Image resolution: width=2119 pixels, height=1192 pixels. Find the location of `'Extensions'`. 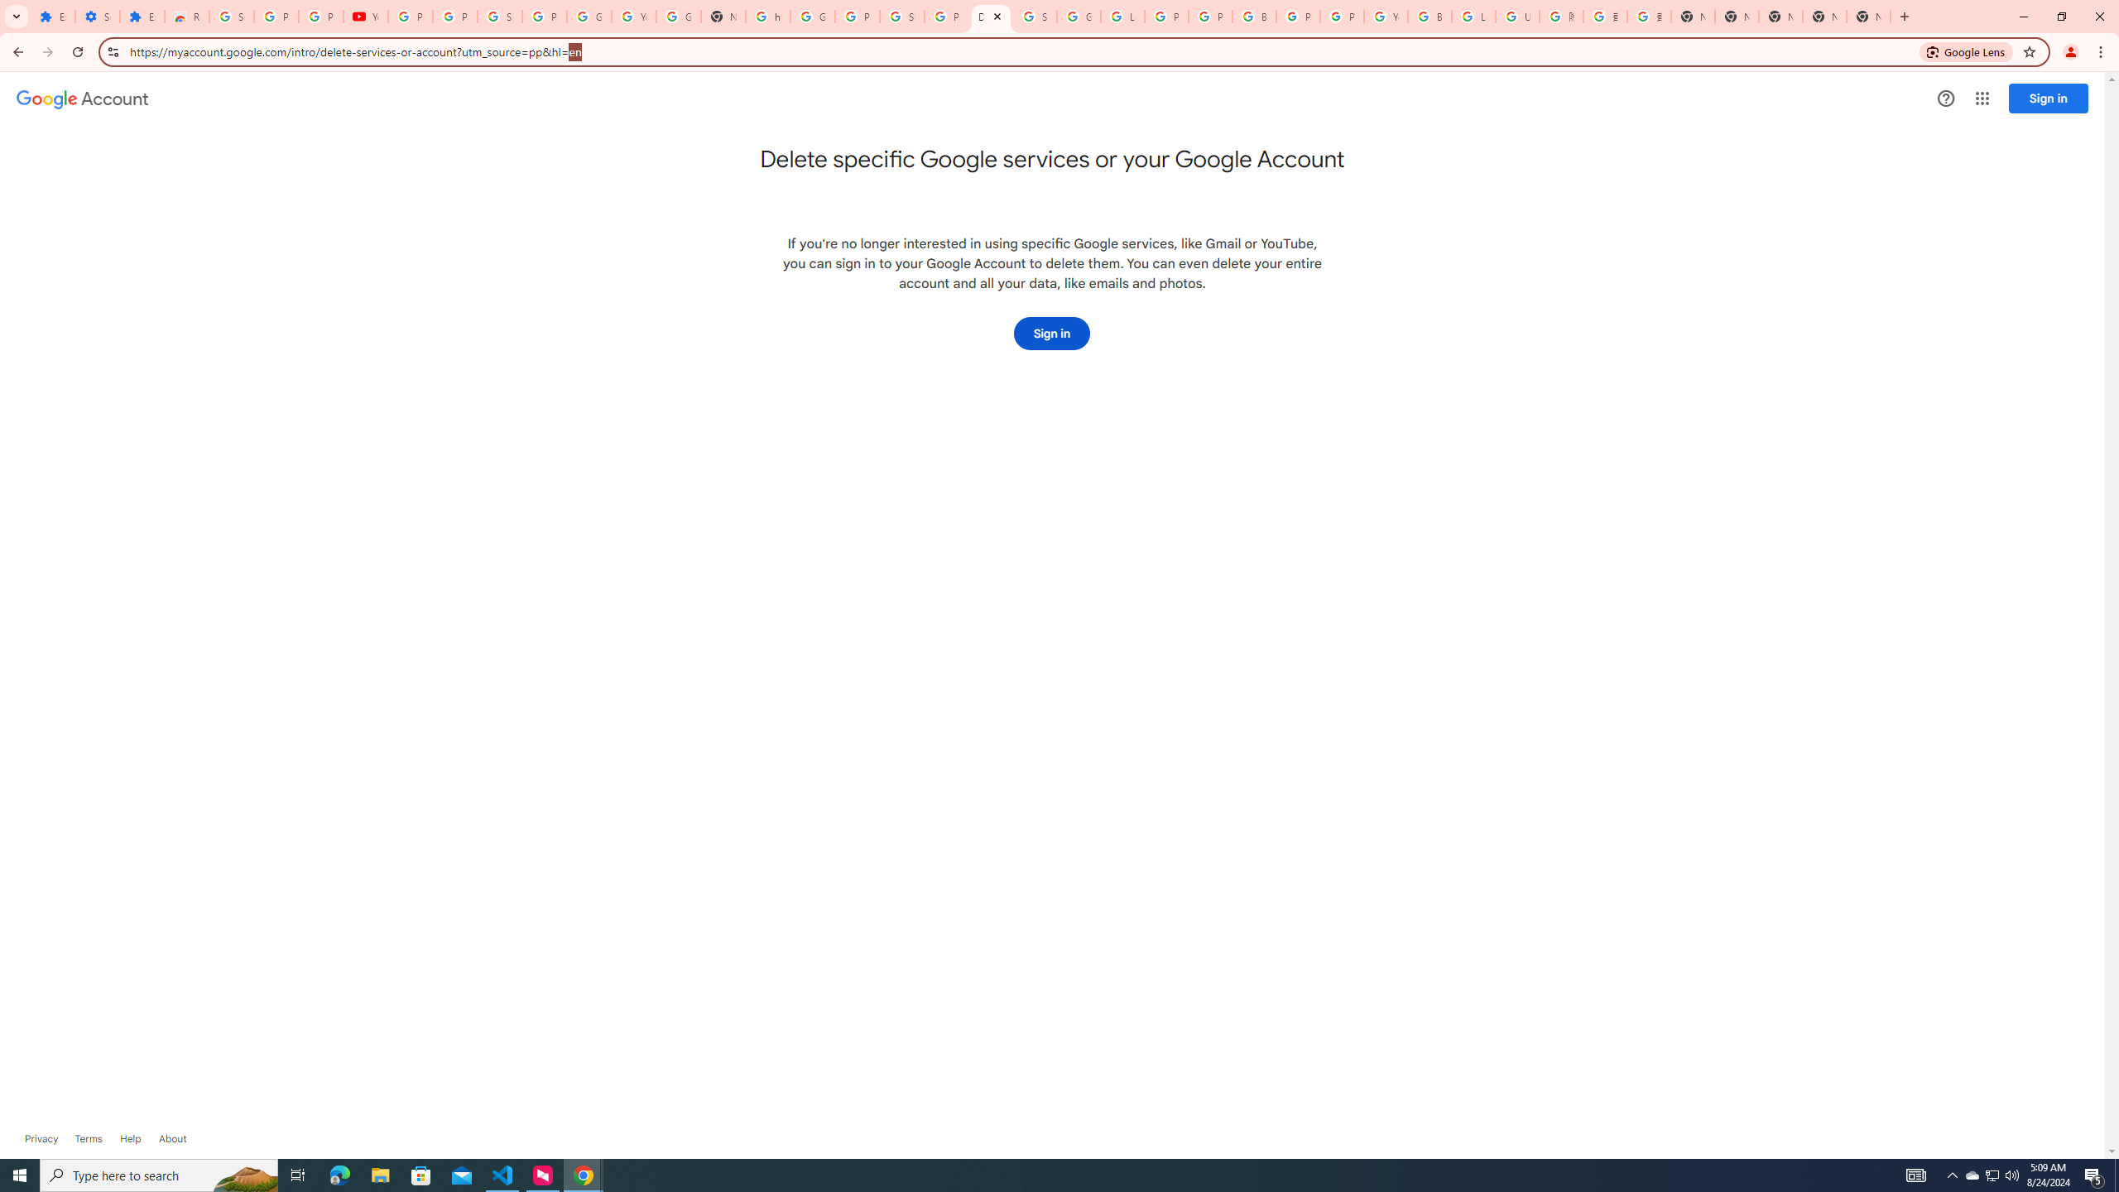

'Extensions' is located at coordinates (53, 16).